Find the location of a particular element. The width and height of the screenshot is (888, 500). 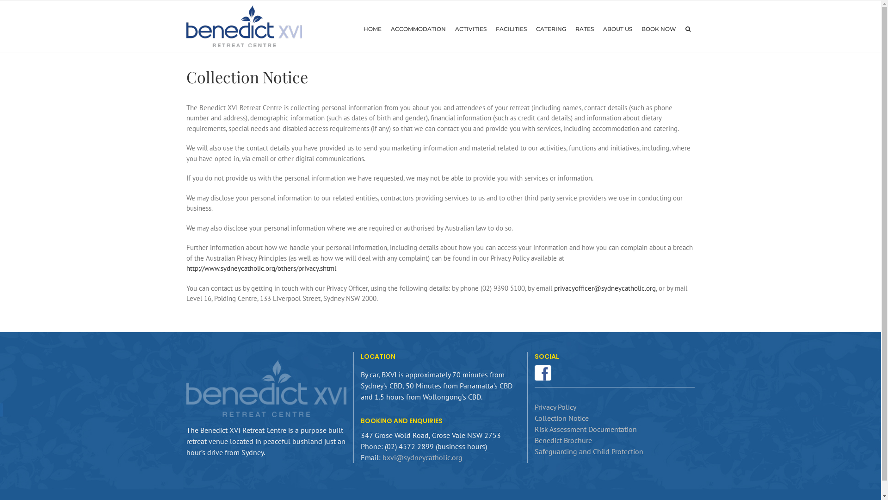

'ABOUT US' is located at coordinates (617, 28).